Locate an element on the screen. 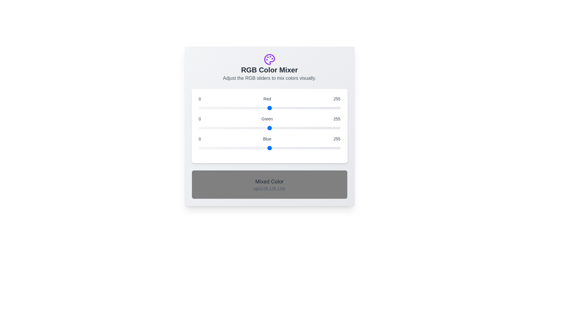  the 1 slider to the value 141 to observe the resulting mixed color is located at coordinates (269, 128).